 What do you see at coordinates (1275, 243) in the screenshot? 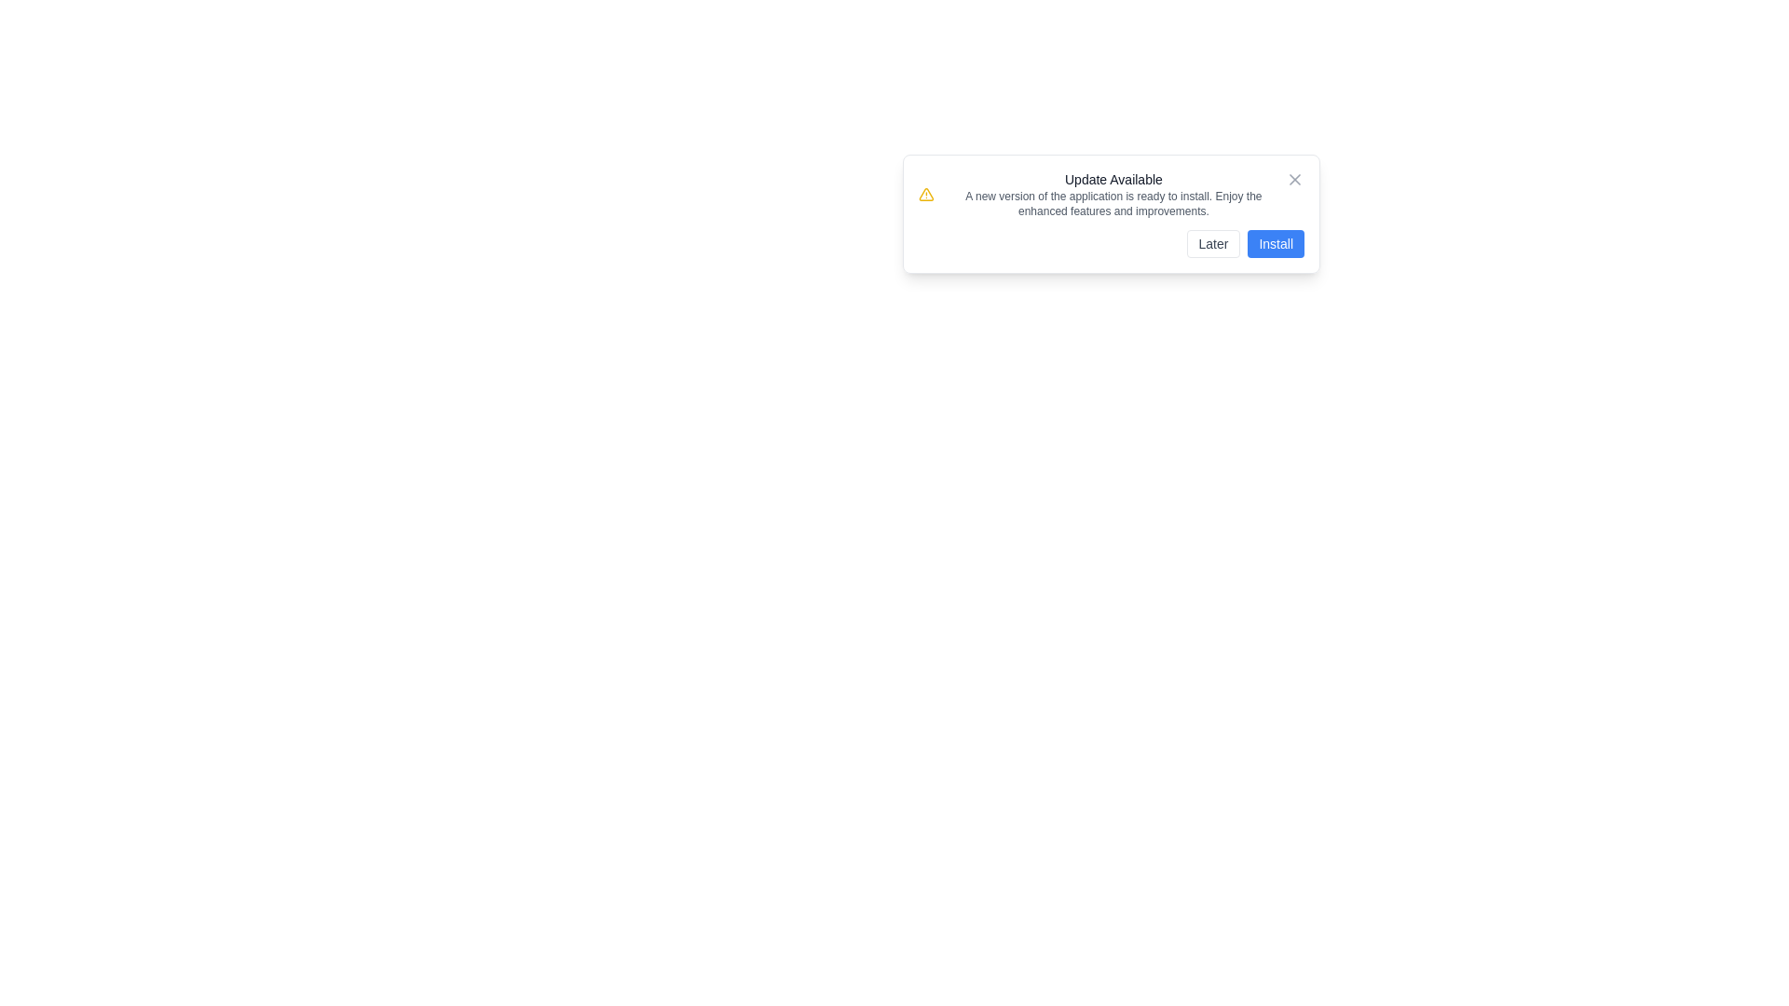
I see `the installation button located in the bottom-right corner of the dialog box, to the right of the 'Later' button` at bounding box center [1275, 243].